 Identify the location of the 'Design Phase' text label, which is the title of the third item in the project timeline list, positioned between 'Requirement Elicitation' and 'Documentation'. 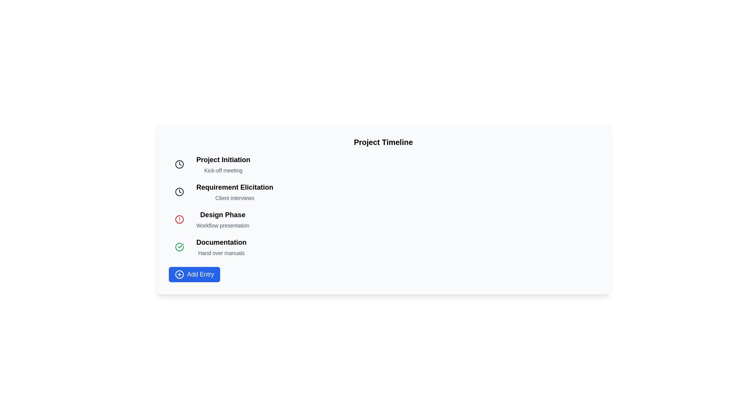
(222, 215).